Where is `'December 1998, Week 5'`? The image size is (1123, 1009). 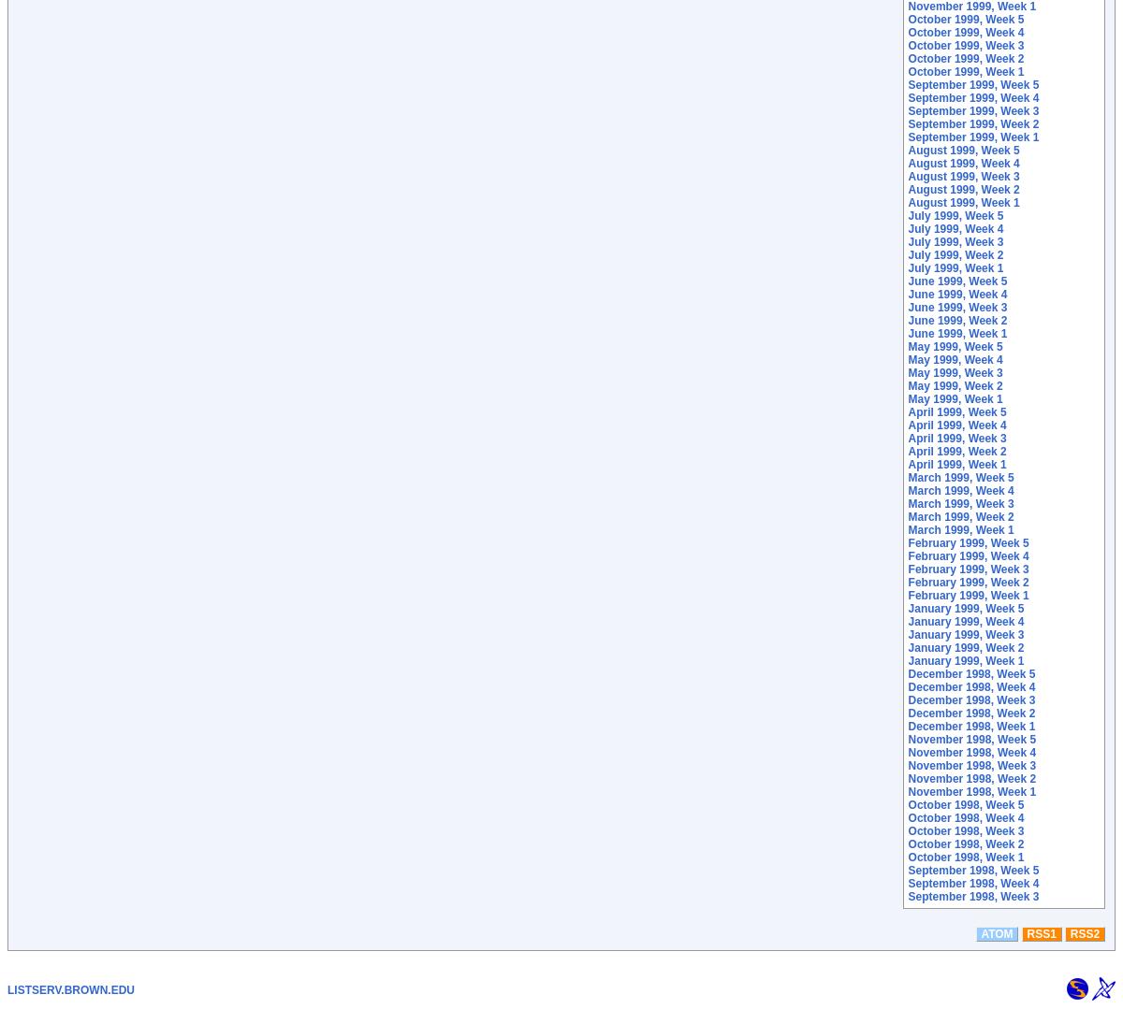 'December 1998, Week 5' is located at coordinates (907, 672).